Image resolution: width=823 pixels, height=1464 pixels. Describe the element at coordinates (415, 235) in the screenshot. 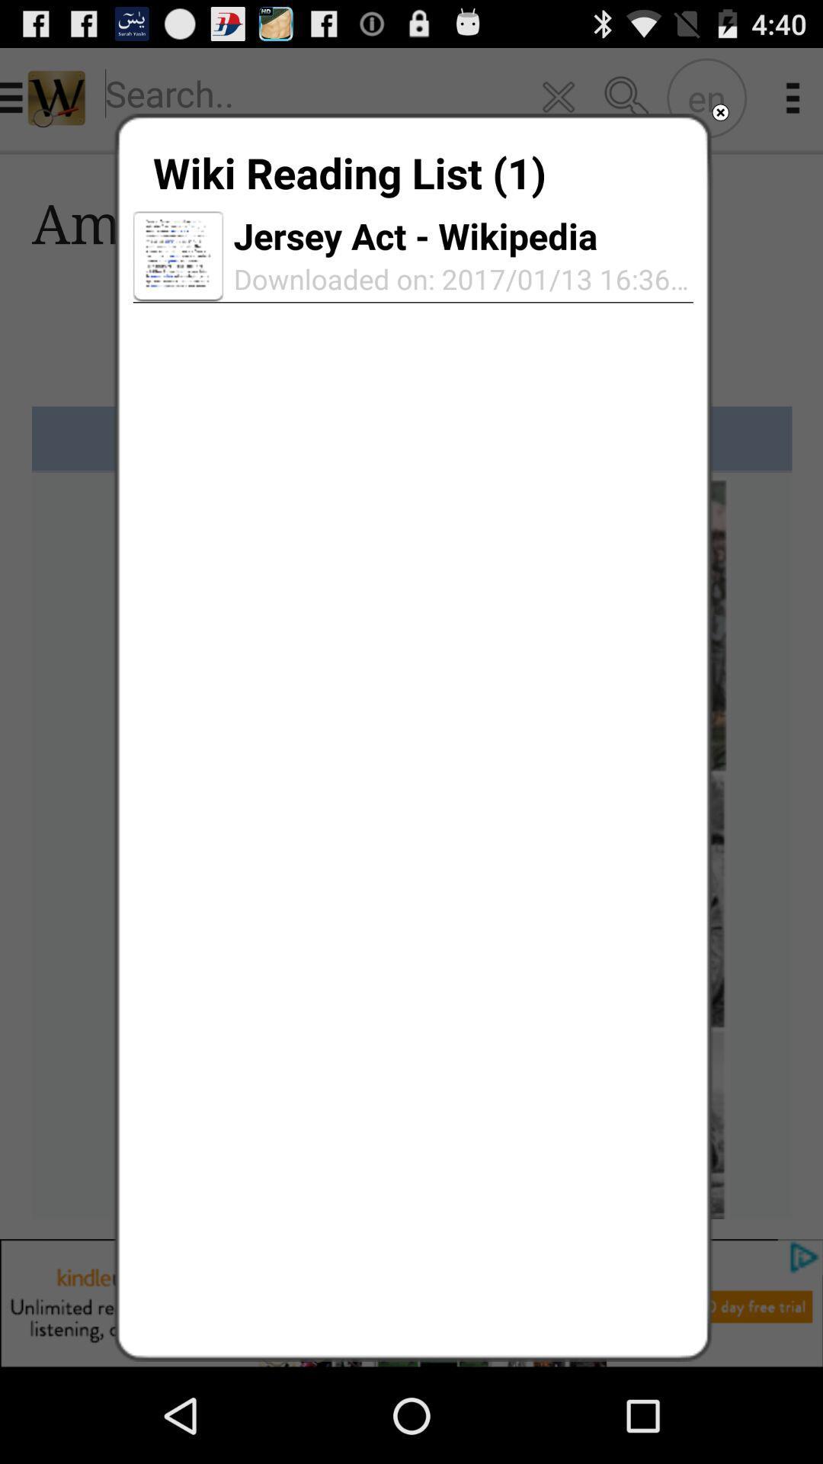

I see `jersey act - wikipedia item` at that location.